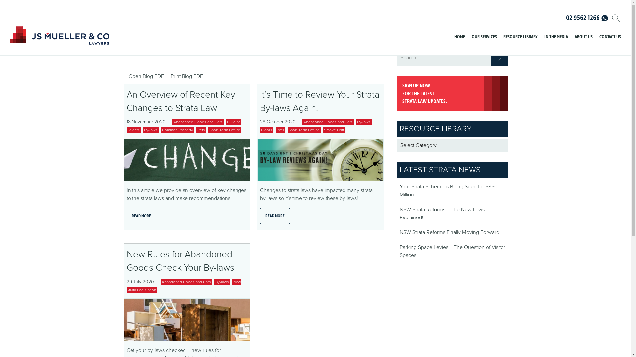  I want to click on 'Open Blog PDF', so click(146, 76).